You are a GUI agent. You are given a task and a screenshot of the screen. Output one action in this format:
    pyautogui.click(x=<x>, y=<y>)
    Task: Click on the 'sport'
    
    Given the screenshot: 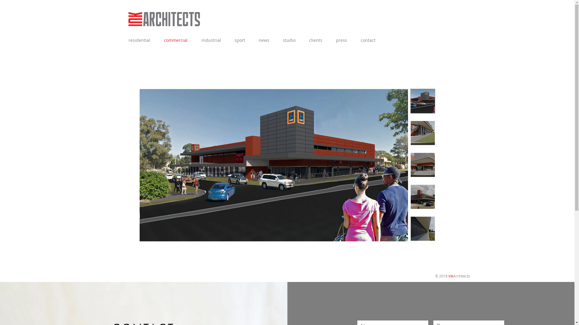 What is the action you would take?
    pyautogui.click(x=242, y=40)
    